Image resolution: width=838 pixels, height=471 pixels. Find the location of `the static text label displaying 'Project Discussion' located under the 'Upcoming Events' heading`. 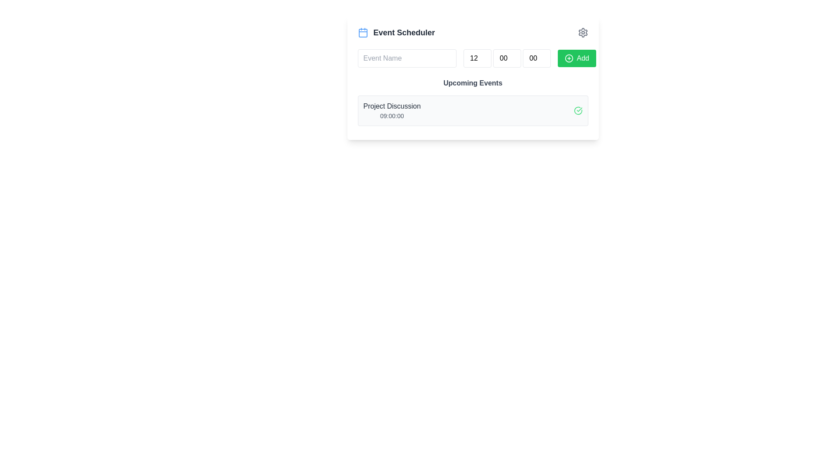

the static text label displaying 'Project Discussion' located under the 'Upcoming Events' heading is located at coordinates (392, 106).